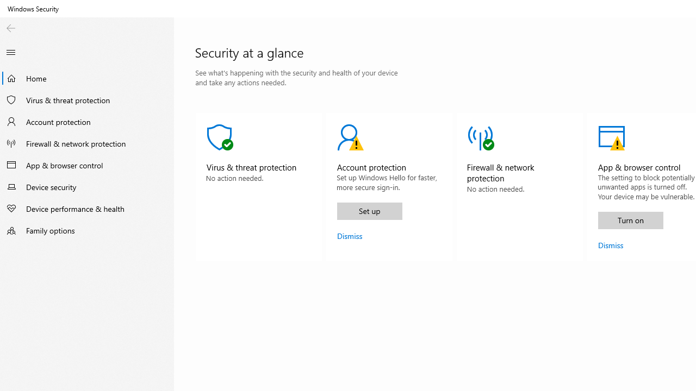  Describe the element at coordinates (389, 186) in the screenshot. I see `'Account protectionAction Recommended.'` at that location.